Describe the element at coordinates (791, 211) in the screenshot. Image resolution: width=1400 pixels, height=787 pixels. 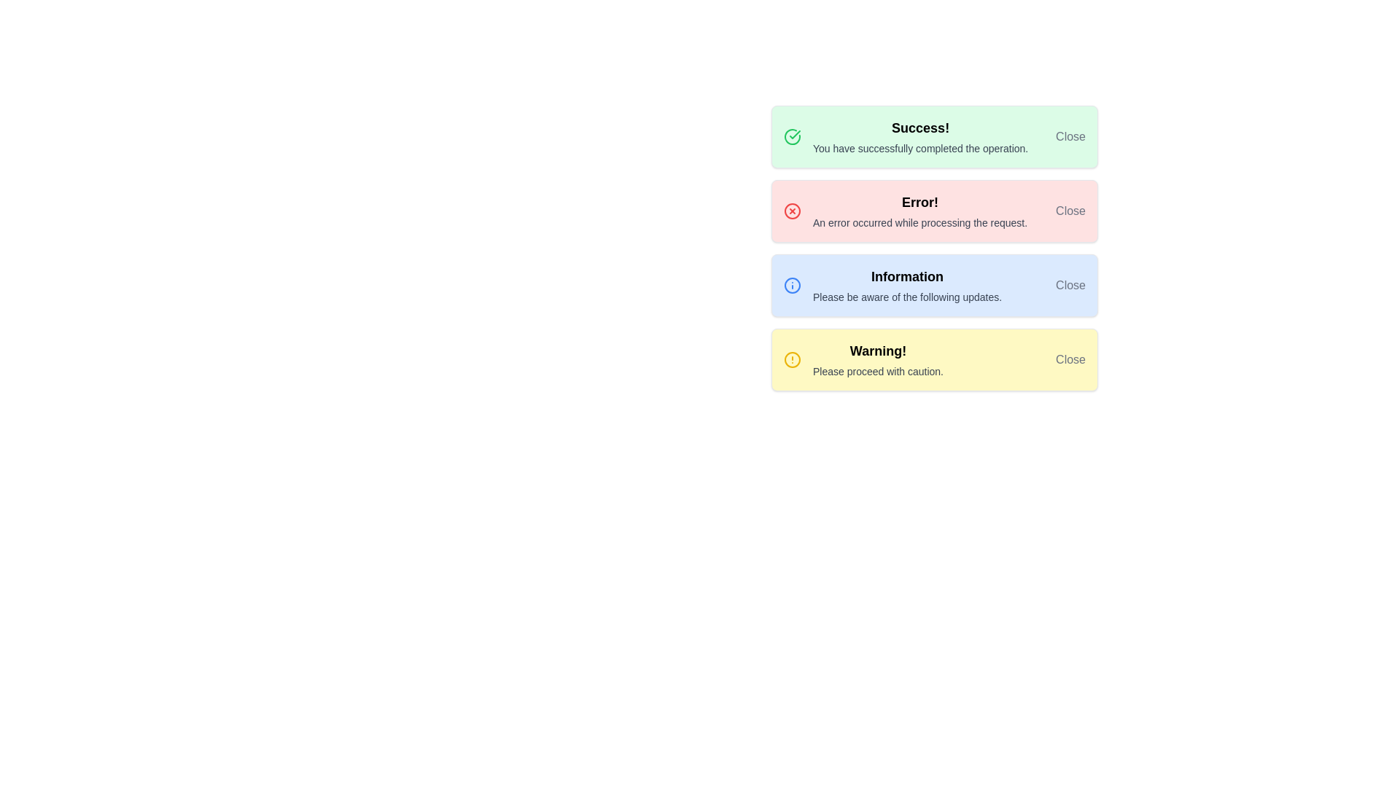
I see `the error icon located in the second notification box titled 'Error!', positioned to the left of the text content` at that location.